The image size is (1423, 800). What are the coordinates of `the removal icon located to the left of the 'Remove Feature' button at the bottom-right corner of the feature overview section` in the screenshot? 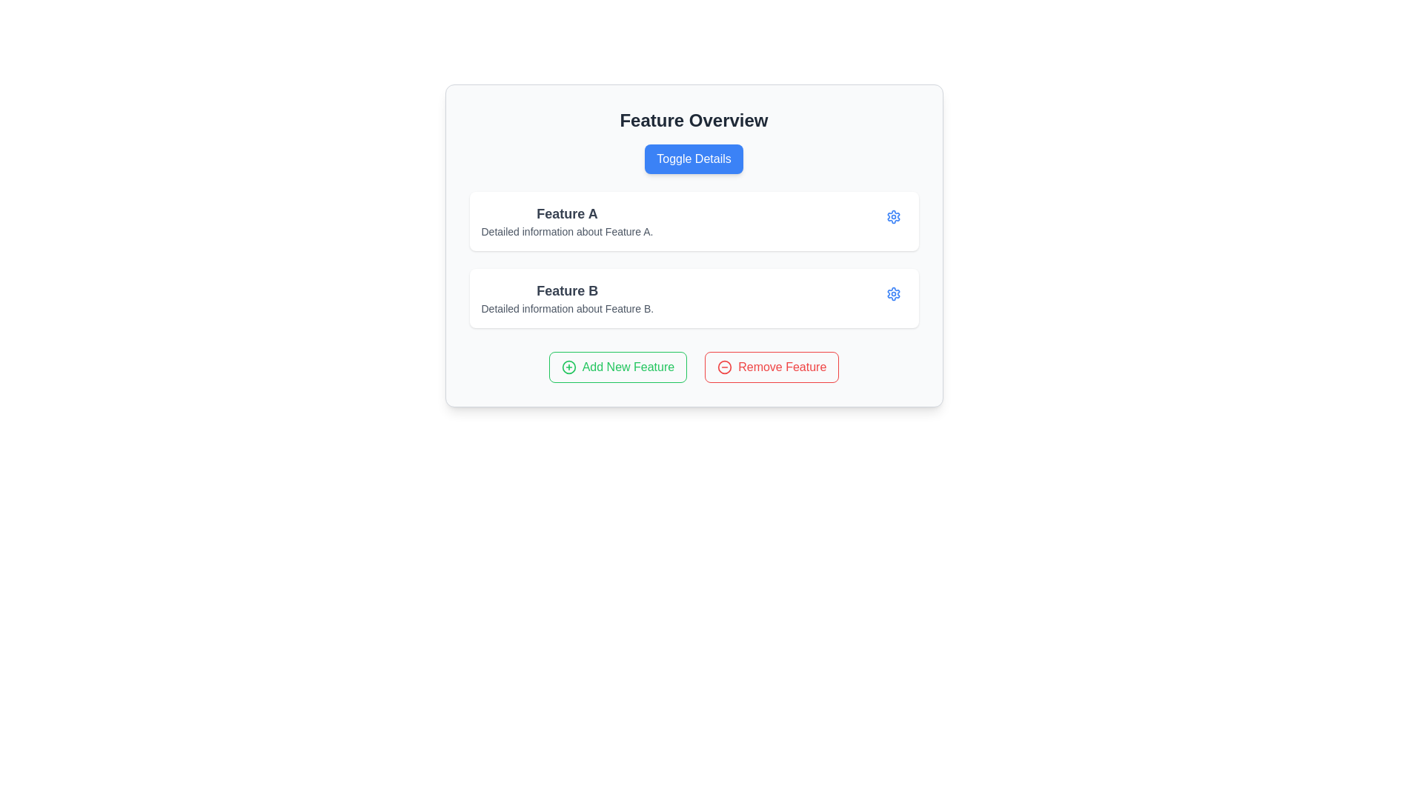 It's located at (725, 367).